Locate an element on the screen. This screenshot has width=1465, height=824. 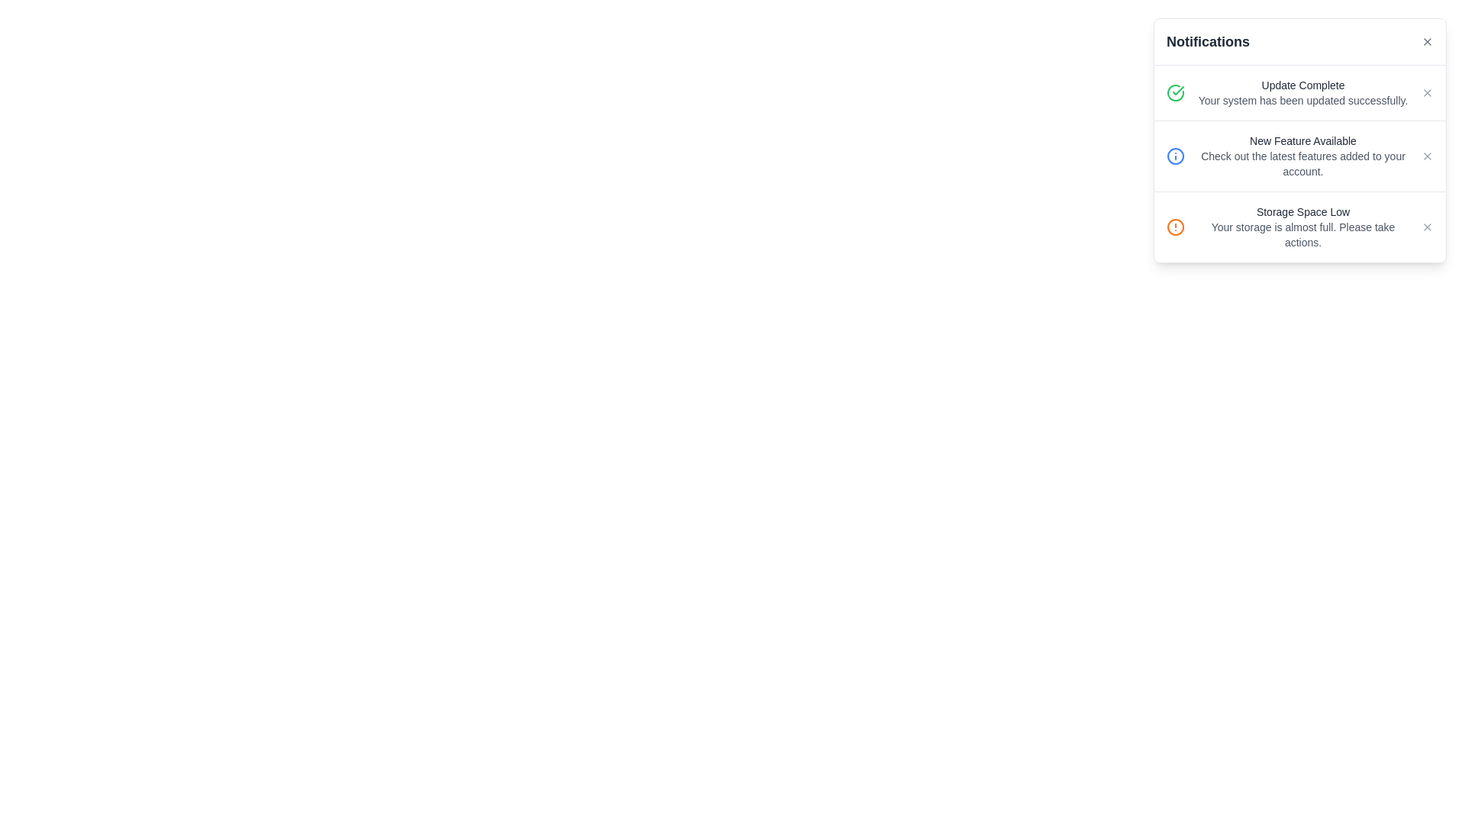
contents of the Notification Box located at the top-right corner of the viewport, which contains alerts and information with a header labeled 'Notifications' is located at coordinates (1299, 140).